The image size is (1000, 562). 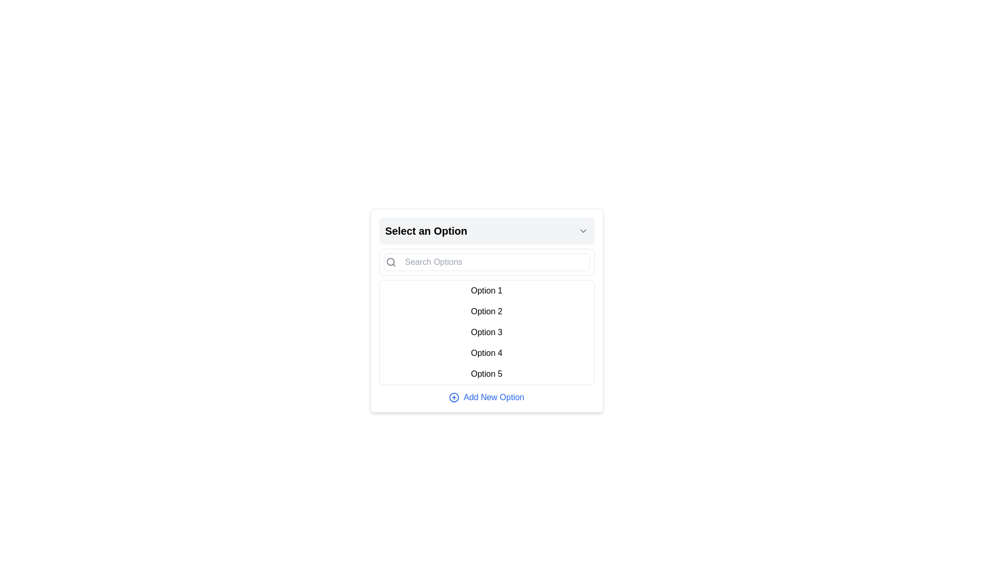 I want to click on the second static list item in the dropdown or list interface, which is located directly below 'Option 1' and above 'Option 3', so click(x=486, y=311).